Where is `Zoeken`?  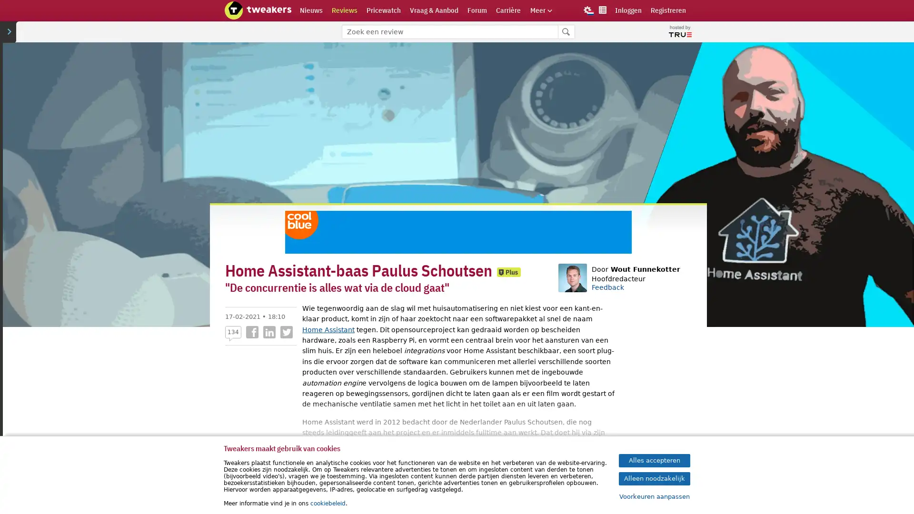 Zoeken is located at coordinates (566, 31).